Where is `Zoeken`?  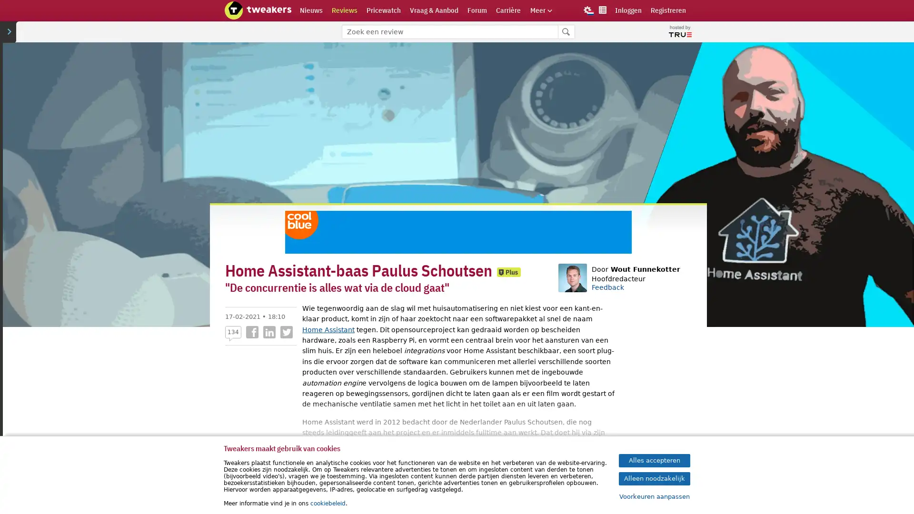 Zoeken is located at coordinates (566, 31).